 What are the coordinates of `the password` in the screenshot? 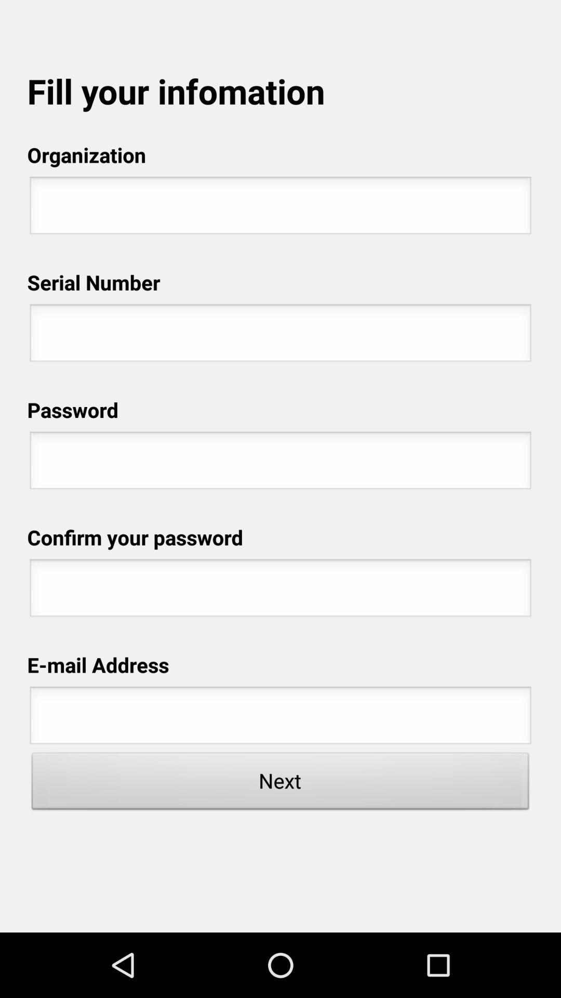 It's located at (280, 463).